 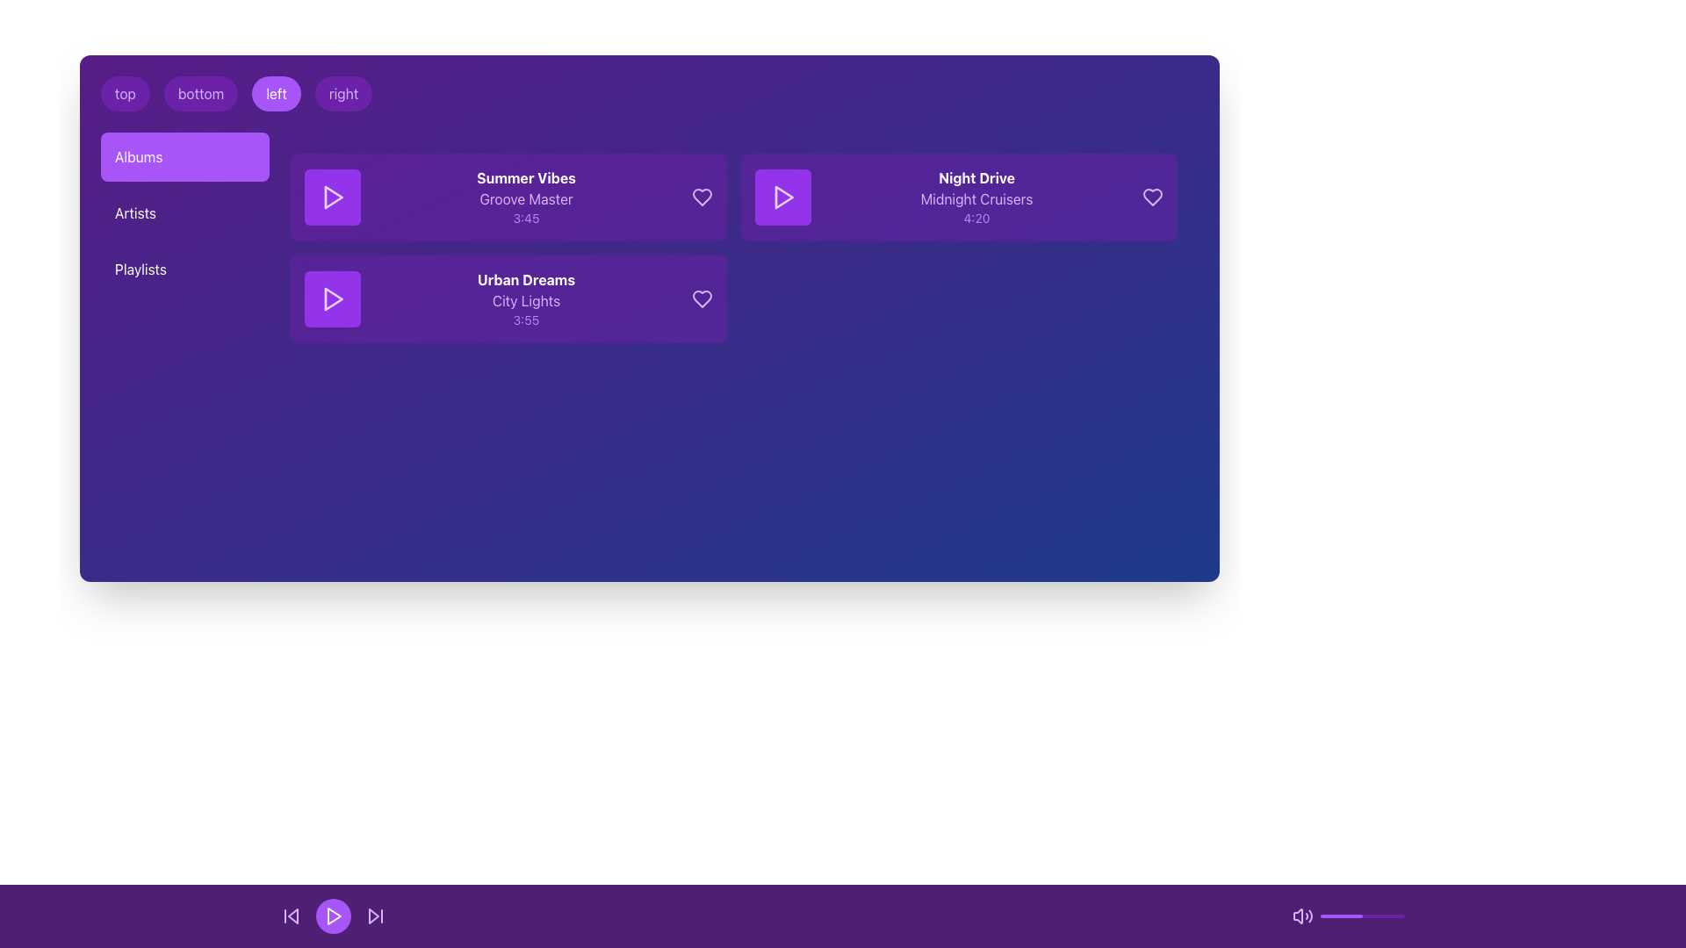 I want to click on the text label displaying the subtitle or artist name associated with the track 'Night Drive', so click(x=976, y=198).